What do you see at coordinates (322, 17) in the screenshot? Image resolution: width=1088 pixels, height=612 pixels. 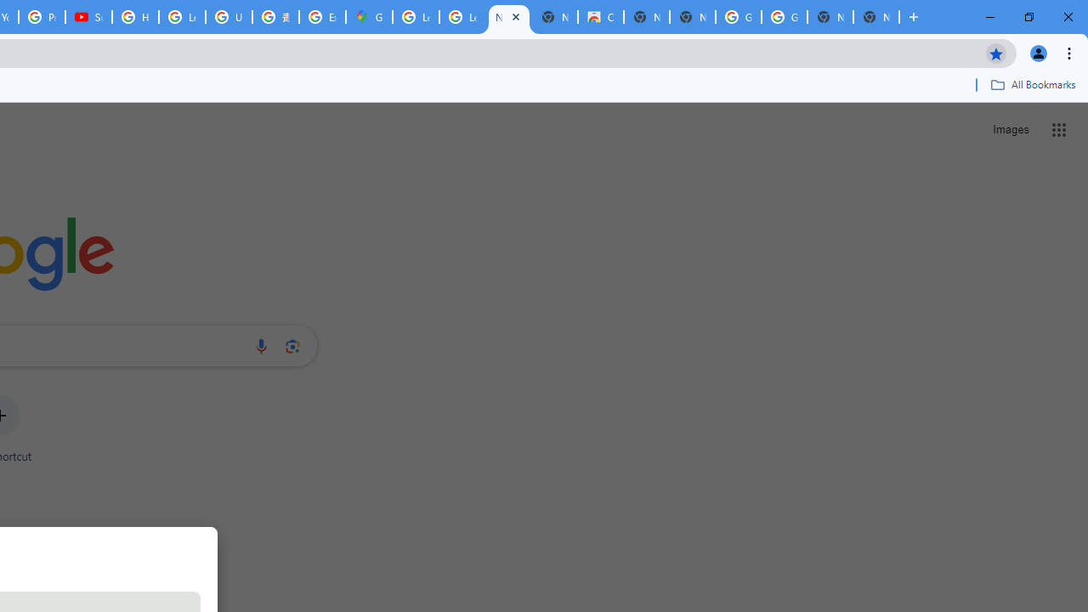 I see `'Explore new street-level details - Google Maps Help'` at bounding box center [322, 17].